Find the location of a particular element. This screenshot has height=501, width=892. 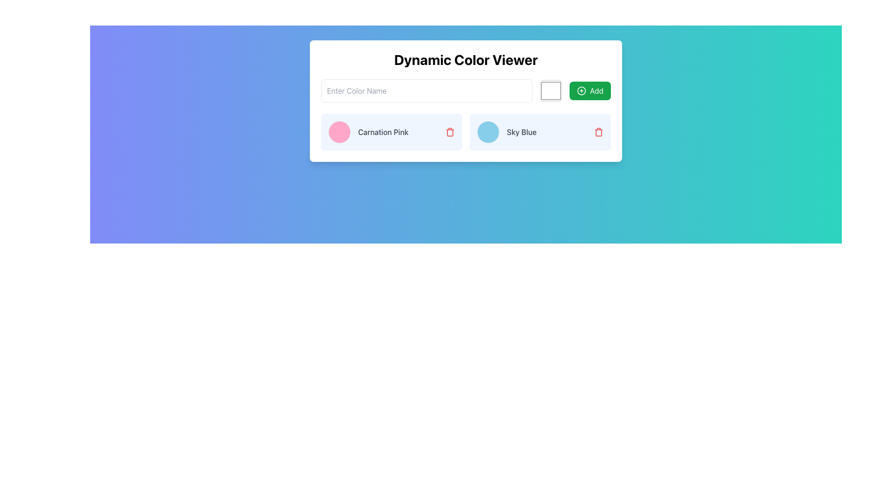

the vibrant red trash can button located beside the 'Carnation Pink' text label is located at coordinates (450, 132).